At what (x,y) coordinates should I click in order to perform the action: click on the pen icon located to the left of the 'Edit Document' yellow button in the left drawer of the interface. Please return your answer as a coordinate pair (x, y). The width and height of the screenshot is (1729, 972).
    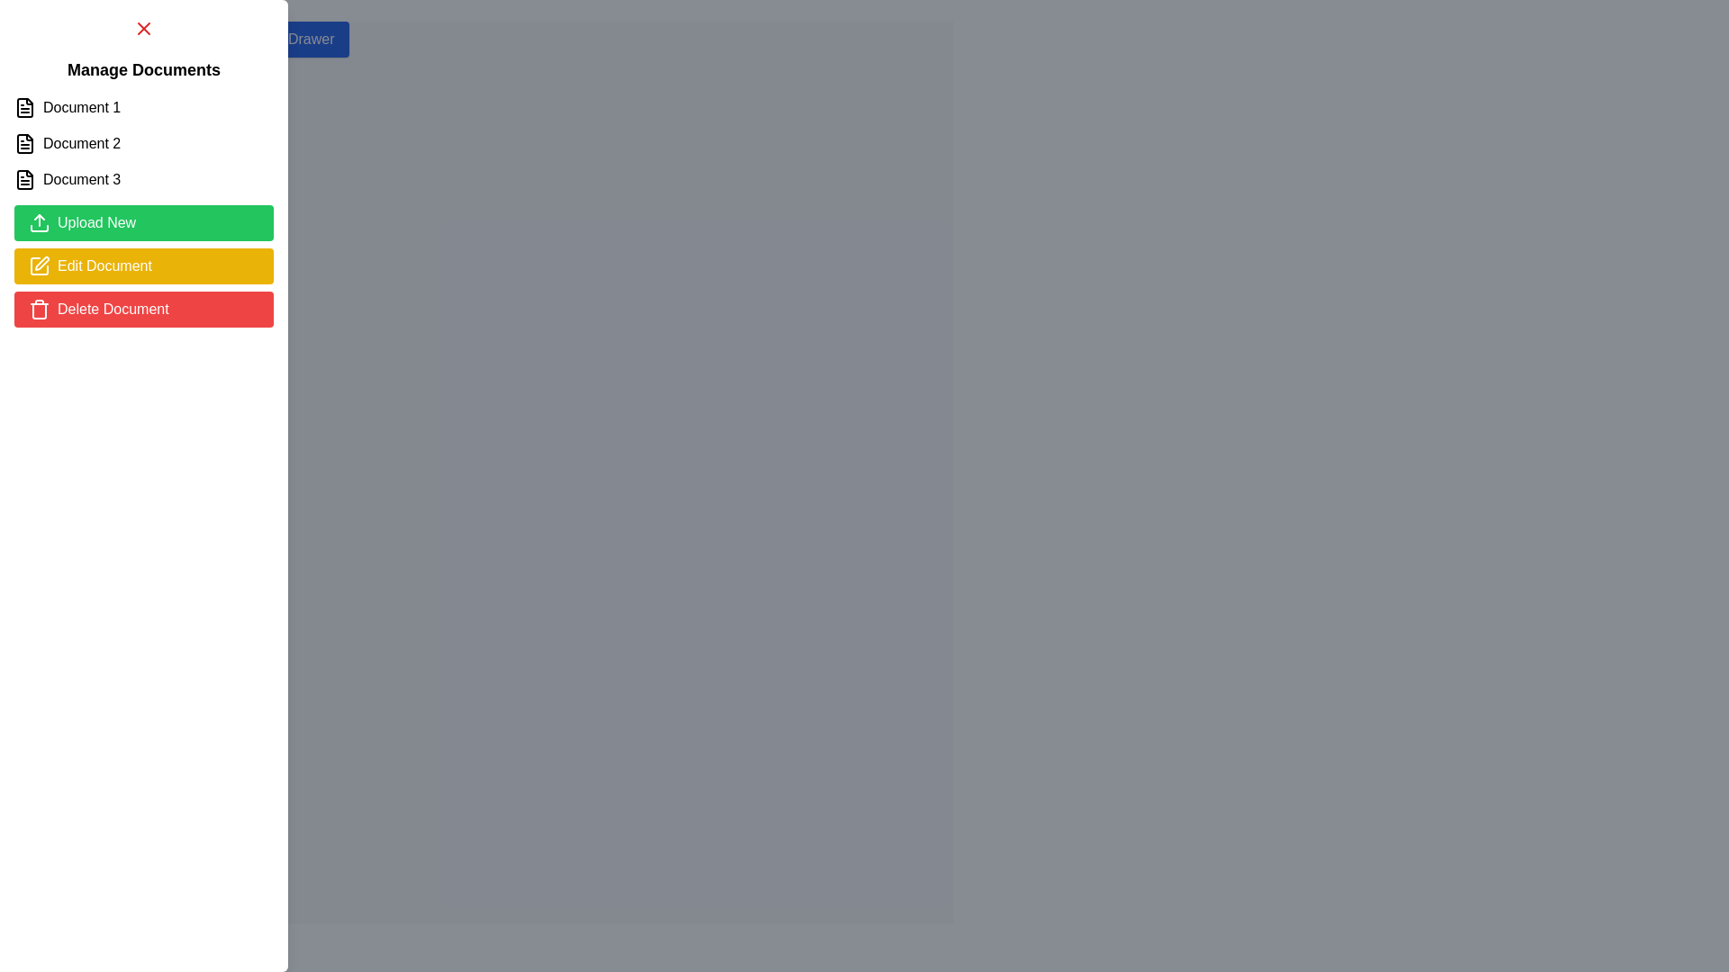
    Looking at the image, I should click on (39, 266).